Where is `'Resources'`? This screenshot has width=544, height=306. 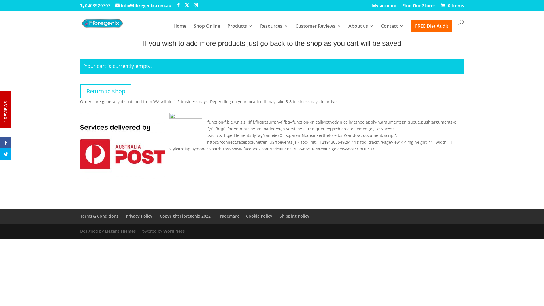 'Resources' is located at coordinates (274, 30).